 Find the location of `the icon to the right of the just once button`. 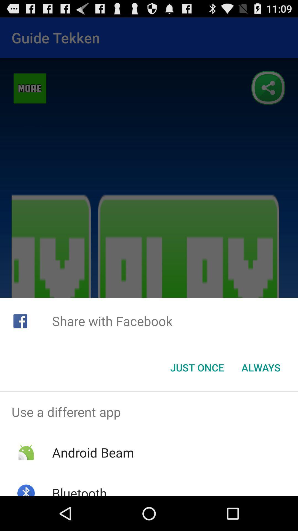

the icon to the right of the just once button is located at coordinates (261, 368).